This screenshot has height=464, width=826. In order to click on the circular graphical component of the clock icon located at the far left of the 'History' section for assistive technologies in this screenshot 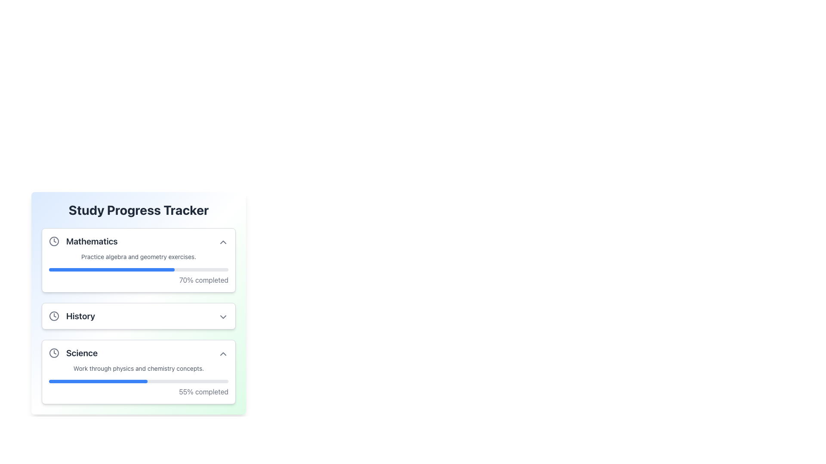, I will do `click(53, 316)`.